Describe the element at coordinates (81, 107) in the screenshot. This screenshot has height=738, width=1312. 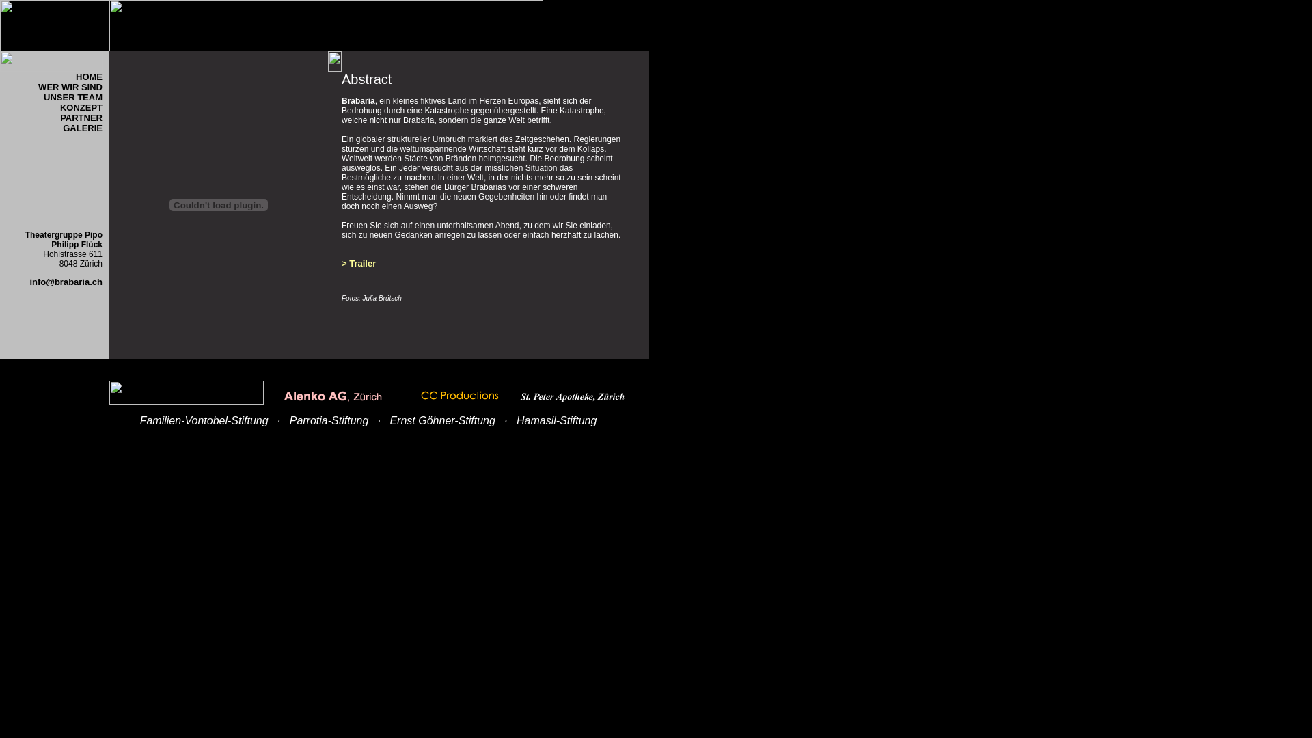
I see `'KONZEPT'` at that location.